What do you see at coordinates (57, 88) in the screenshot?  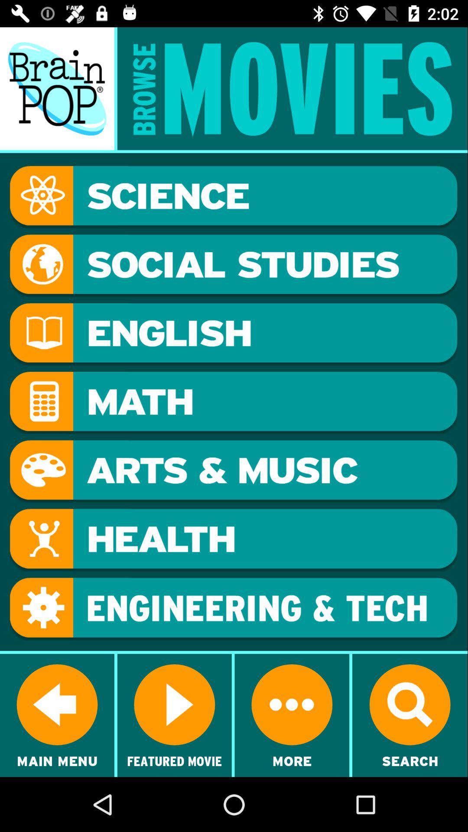 I see `main menu` at bounding box center [57, 88].